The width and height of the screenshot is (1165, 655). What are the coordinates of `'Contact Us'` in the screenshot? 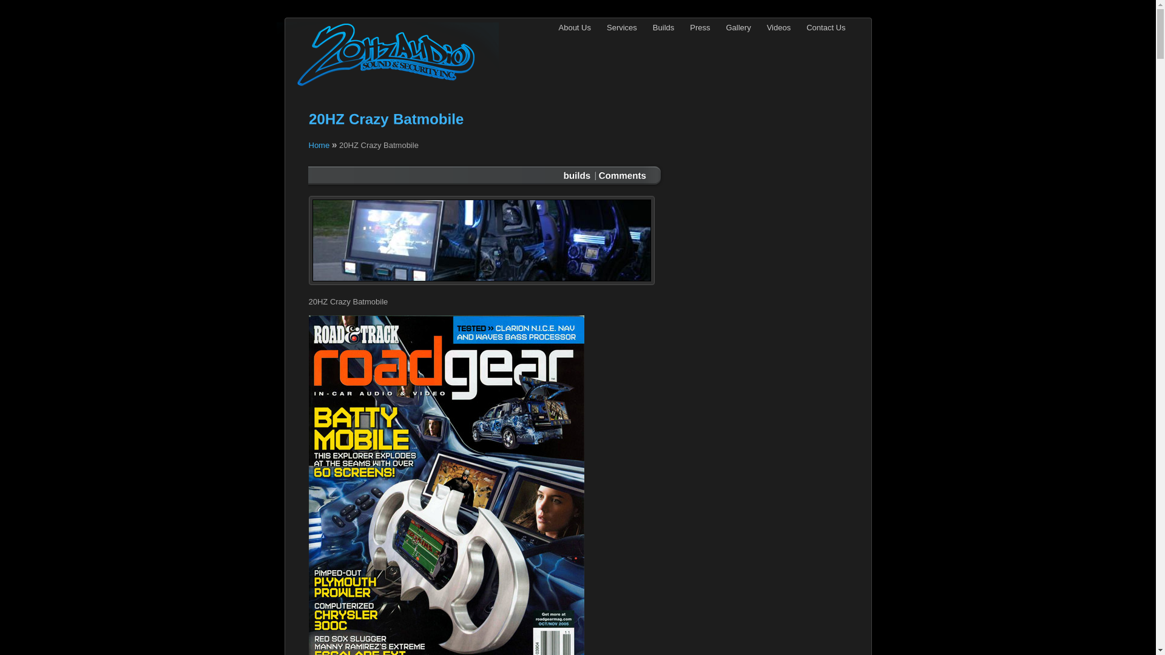 It's located at (825, 27).